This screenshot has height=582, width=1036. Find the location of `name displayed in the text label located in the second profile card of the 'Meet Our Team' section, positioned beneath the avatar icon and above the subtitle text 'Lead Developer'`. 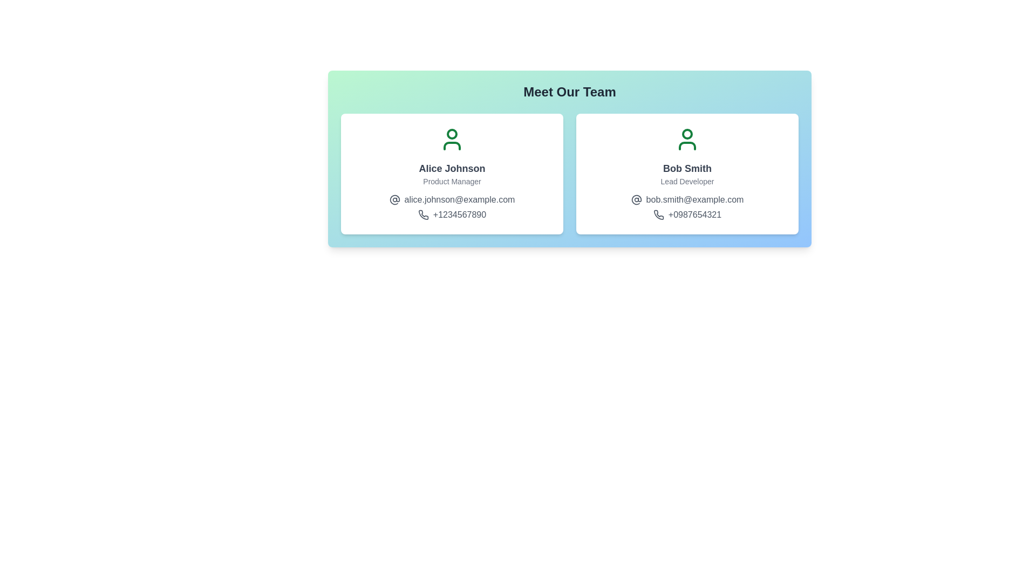

name displayed in the text label located in the second profile card of the 'Meet Our Team' section, positioned beneath the avatar icon and above the subtitle text 'Lead Developer' is located at coordinates (686, 168).